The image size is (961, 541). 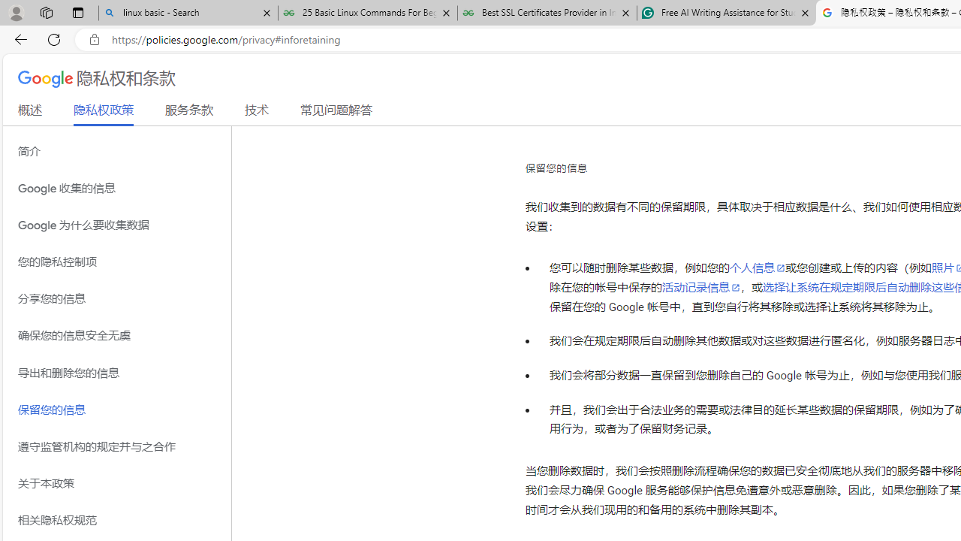 What do you see at coordinates (187, 13) in the screenshot?
I see `'linux basic - Search'` at bounding box center [187, 13].